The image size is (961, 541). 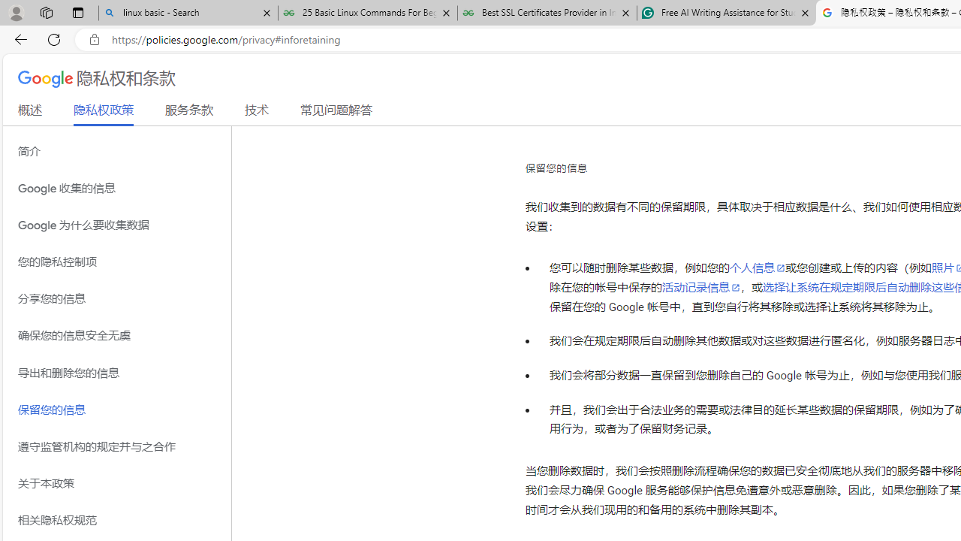 What do you see at coordinates (187, 13) in the screenshot?
I see `'linux basic - Search'` at bounding box center [187, 13].